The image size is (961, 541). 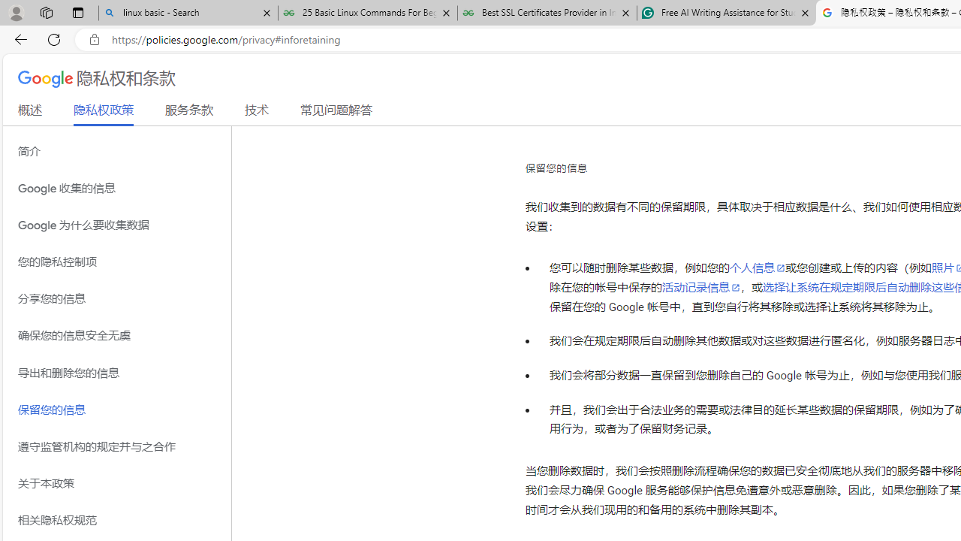 What do you see at coordinates (187, 13) in the screenshot?
I see `'linux basic - Search'` at bounding box center [187, 13].